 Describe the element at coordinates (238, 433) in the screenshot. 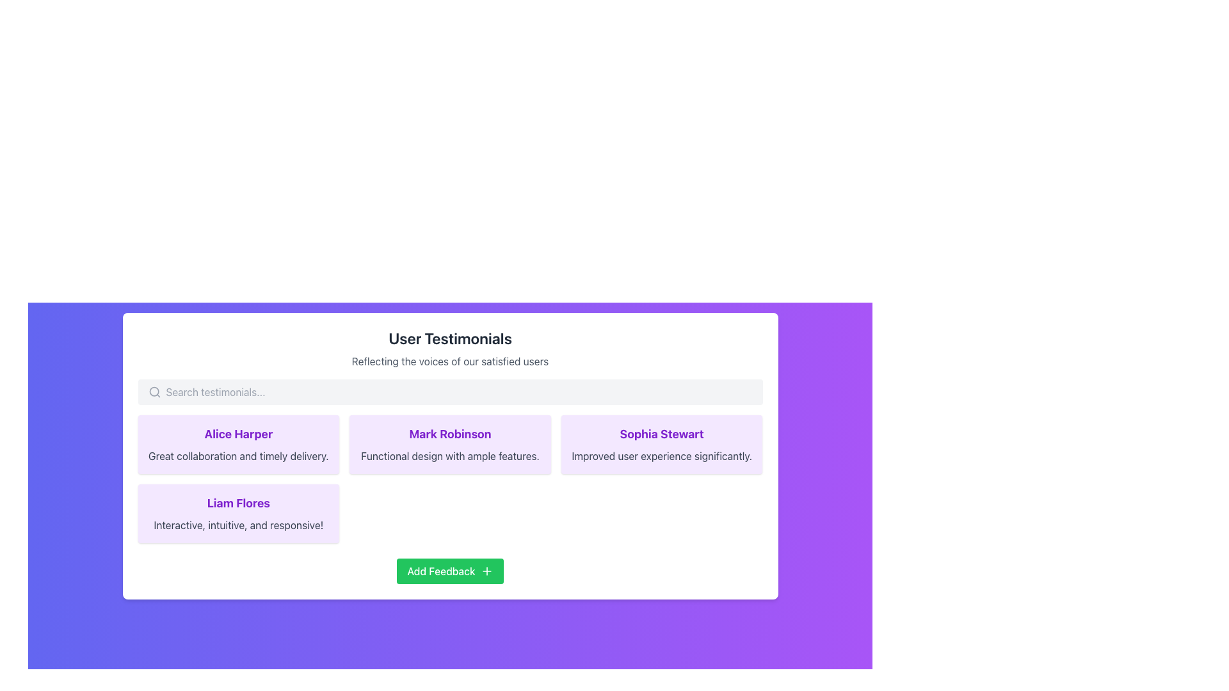

I see `the text label indicating the name of the individual who provided the testimonial, located at the top-left of the first testimonial card` at that location.